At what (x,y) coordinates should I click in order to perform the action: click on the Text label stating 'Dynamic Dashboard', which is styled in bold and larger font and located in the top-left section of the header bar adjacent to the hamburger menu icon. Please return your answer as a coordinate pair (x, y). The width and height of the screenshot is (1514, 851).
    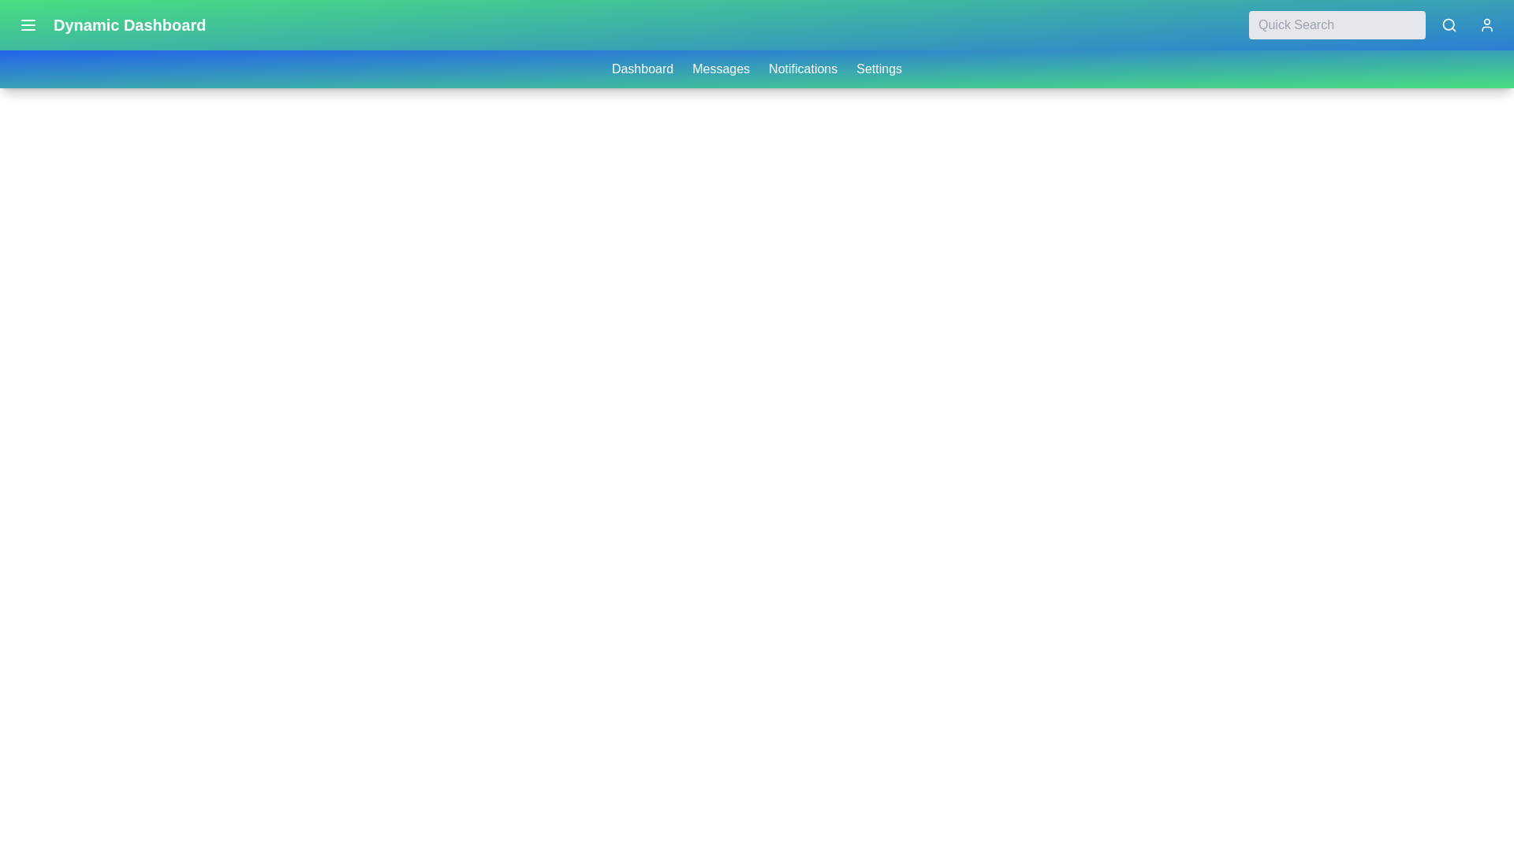
    Looking at the image, I should click on (108, 24).